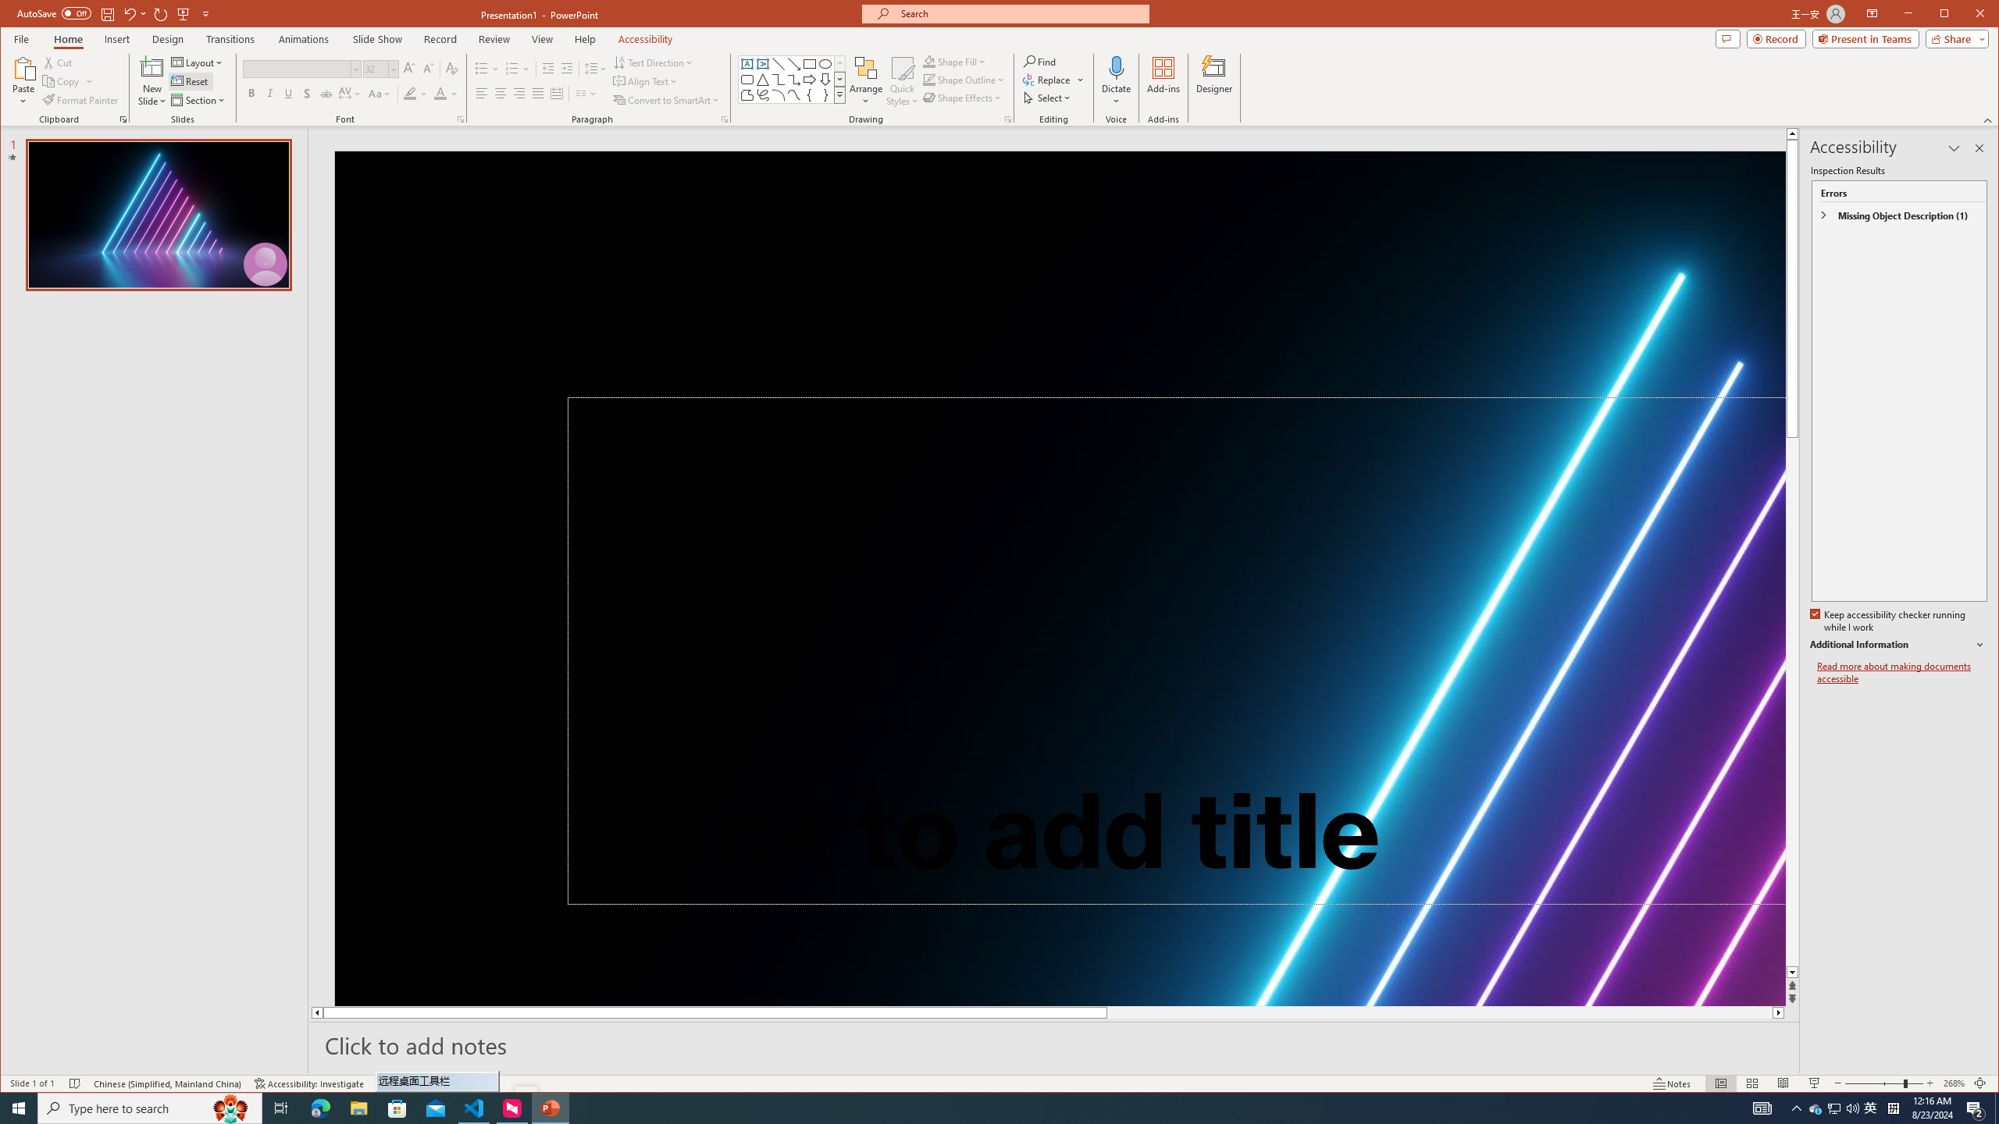  Describe the element at coordinates (480, 93) in the screenshot. I see `'Align Left'` at that location.